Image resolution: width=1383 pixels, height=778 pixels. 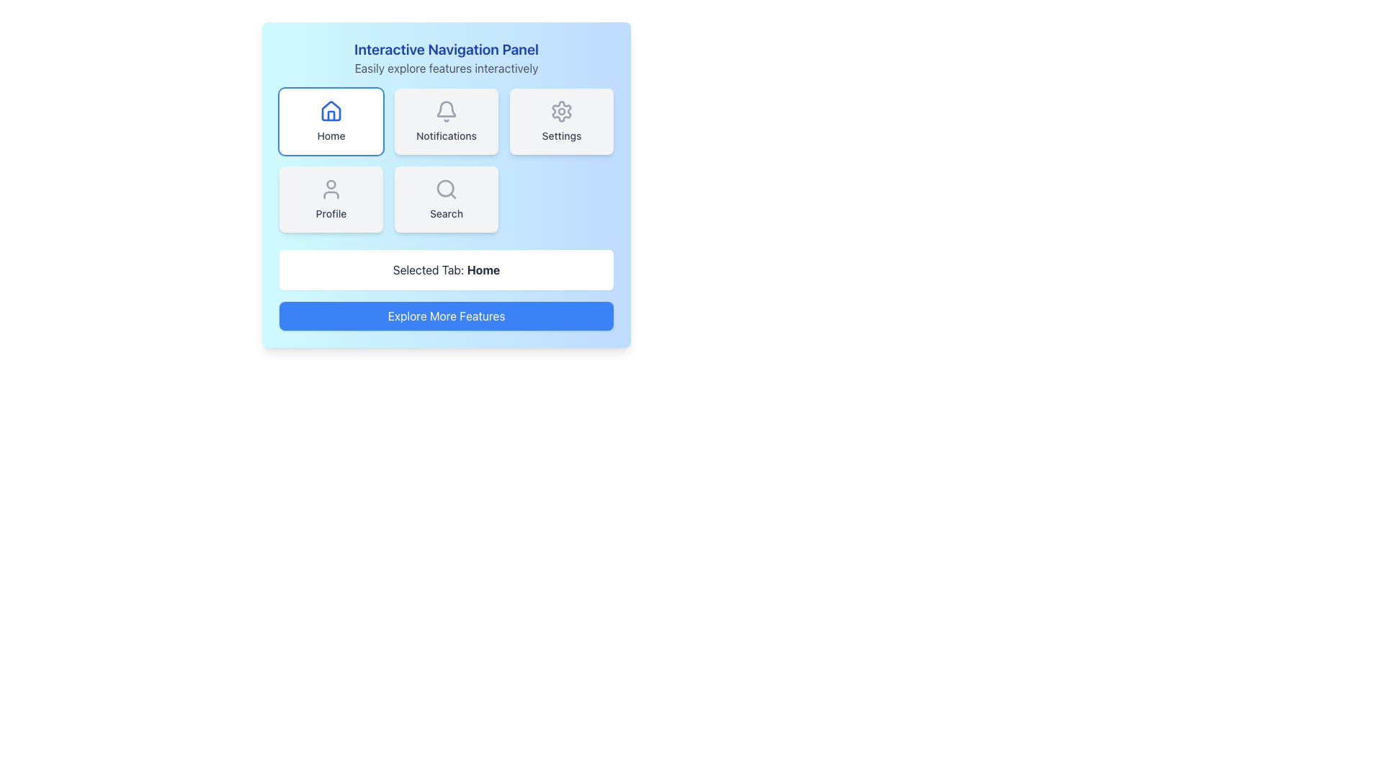 I want to click on the text label that indicates the settings section of the application, located in the top-right section of the layout, below the gear-shaped icon, so click(x=560, y=136).